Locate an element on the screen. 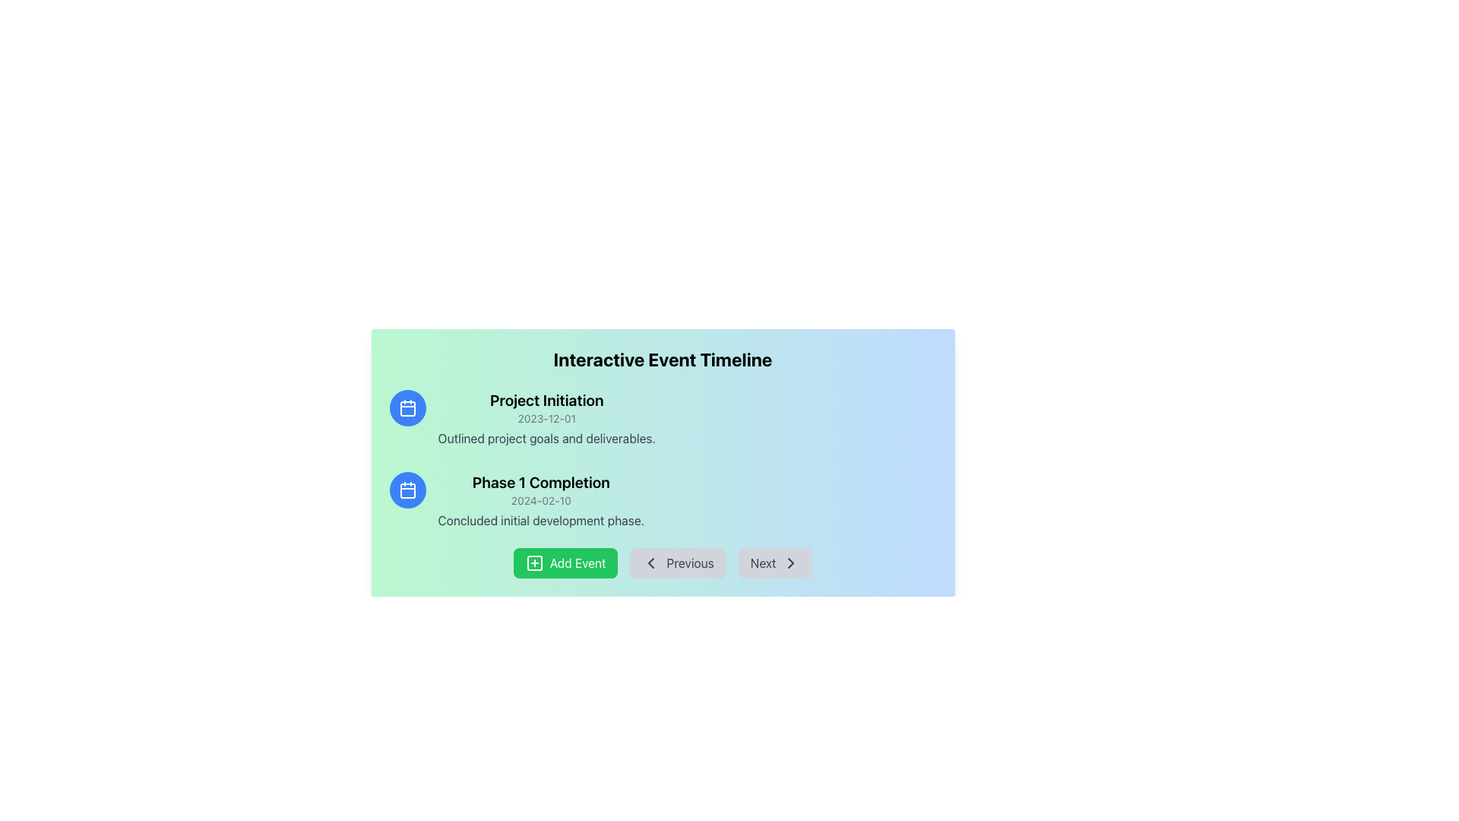 This screenshot has width=1459, height=821. the middle button in the horizontal group of three buttons located at the bottom of the layout is located at coordinates (663, 563).